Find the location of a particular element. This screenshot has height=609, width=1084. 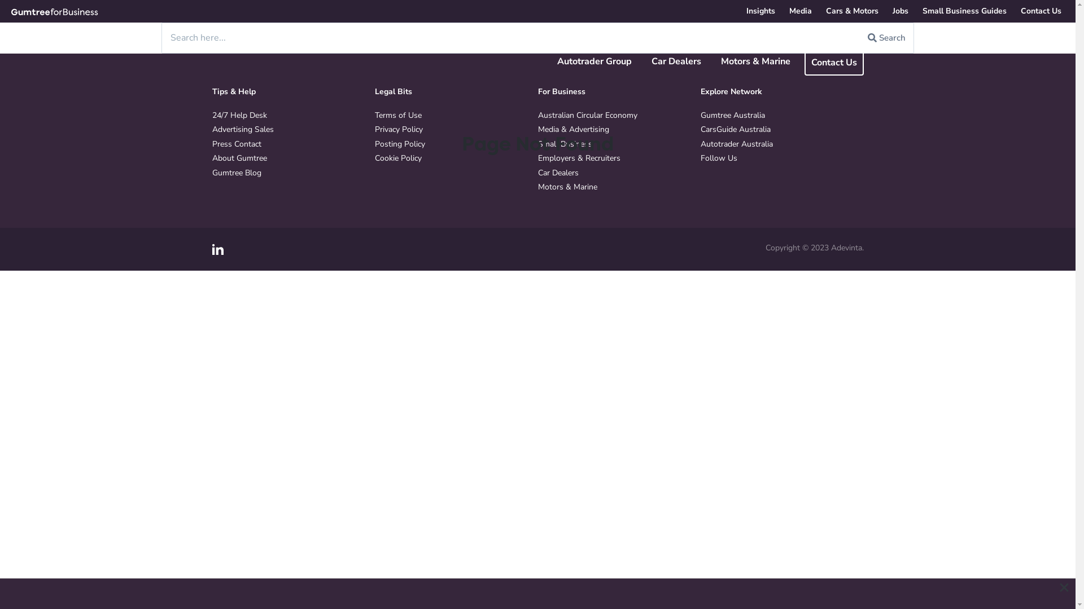

'Autotrader Group' is located at coordinates (550, 61).